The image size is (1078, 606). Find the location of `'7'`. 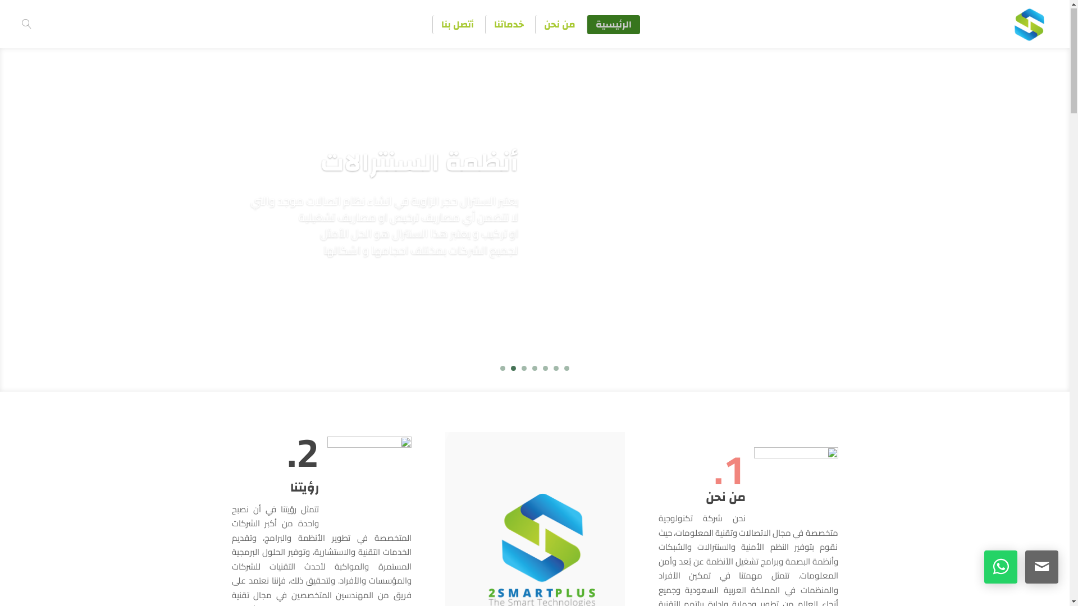

'7' is located at coordinates (502, 369).